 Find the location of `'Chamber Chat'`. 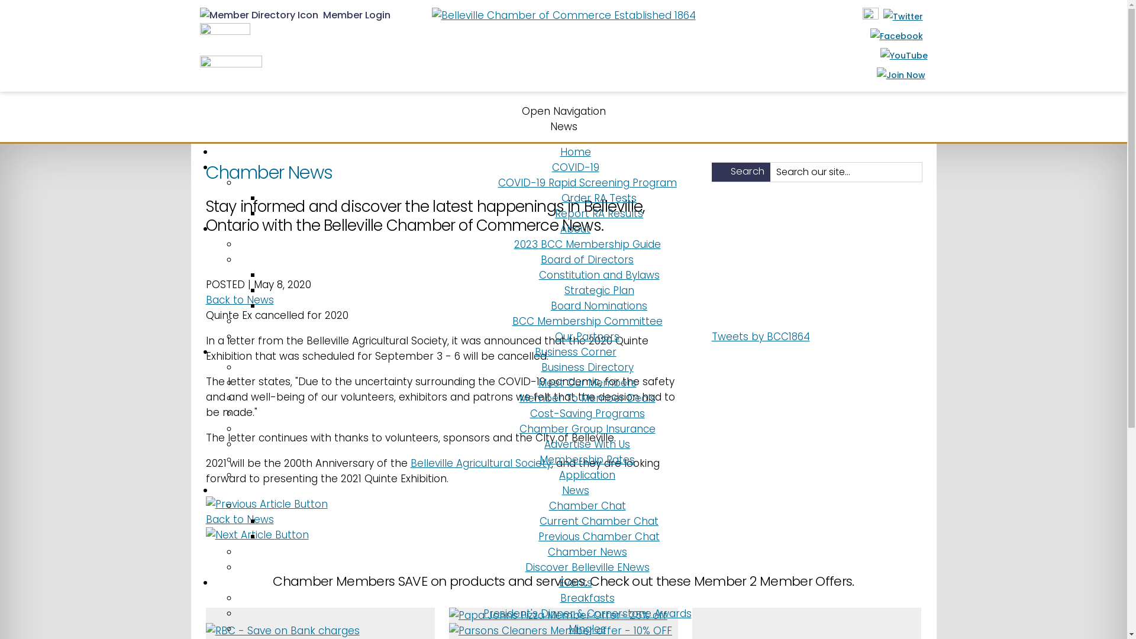

'Chamber Chat' is located at coordinates (588, 506).